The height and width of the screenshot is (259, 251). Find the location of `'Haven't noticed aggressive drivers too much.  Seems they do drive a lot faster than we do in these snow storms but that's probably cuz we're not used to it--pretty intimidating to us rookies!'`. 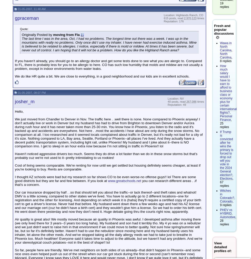

'Haven't noticed aggressive drivers too much.  Seems they do drive a lot faster than we do in these snow storms but that's probably cuz we're not used to it--pretty intimidating to us rookies!' is located at coordinates (106, 156).